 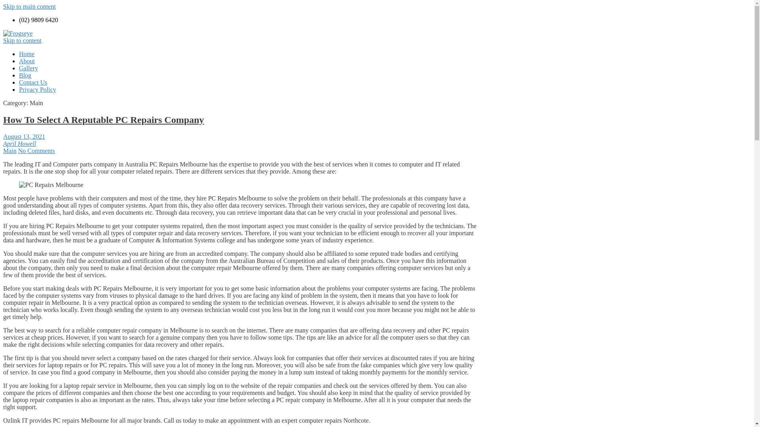 What do you see at coordinates (25, 75) in the screenshot?
I see `'Blog'` at bounding box center [25, 75].